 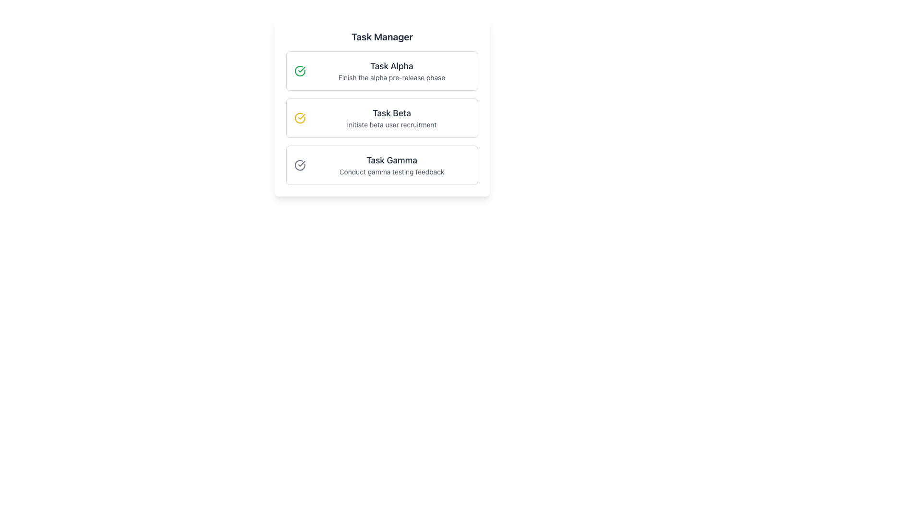 I want to click on the Circular Status Indicator Icon representing 'Task Beta', which is located to the left of the text 'Task Beta' in the task list, so click(x=299, y=118).